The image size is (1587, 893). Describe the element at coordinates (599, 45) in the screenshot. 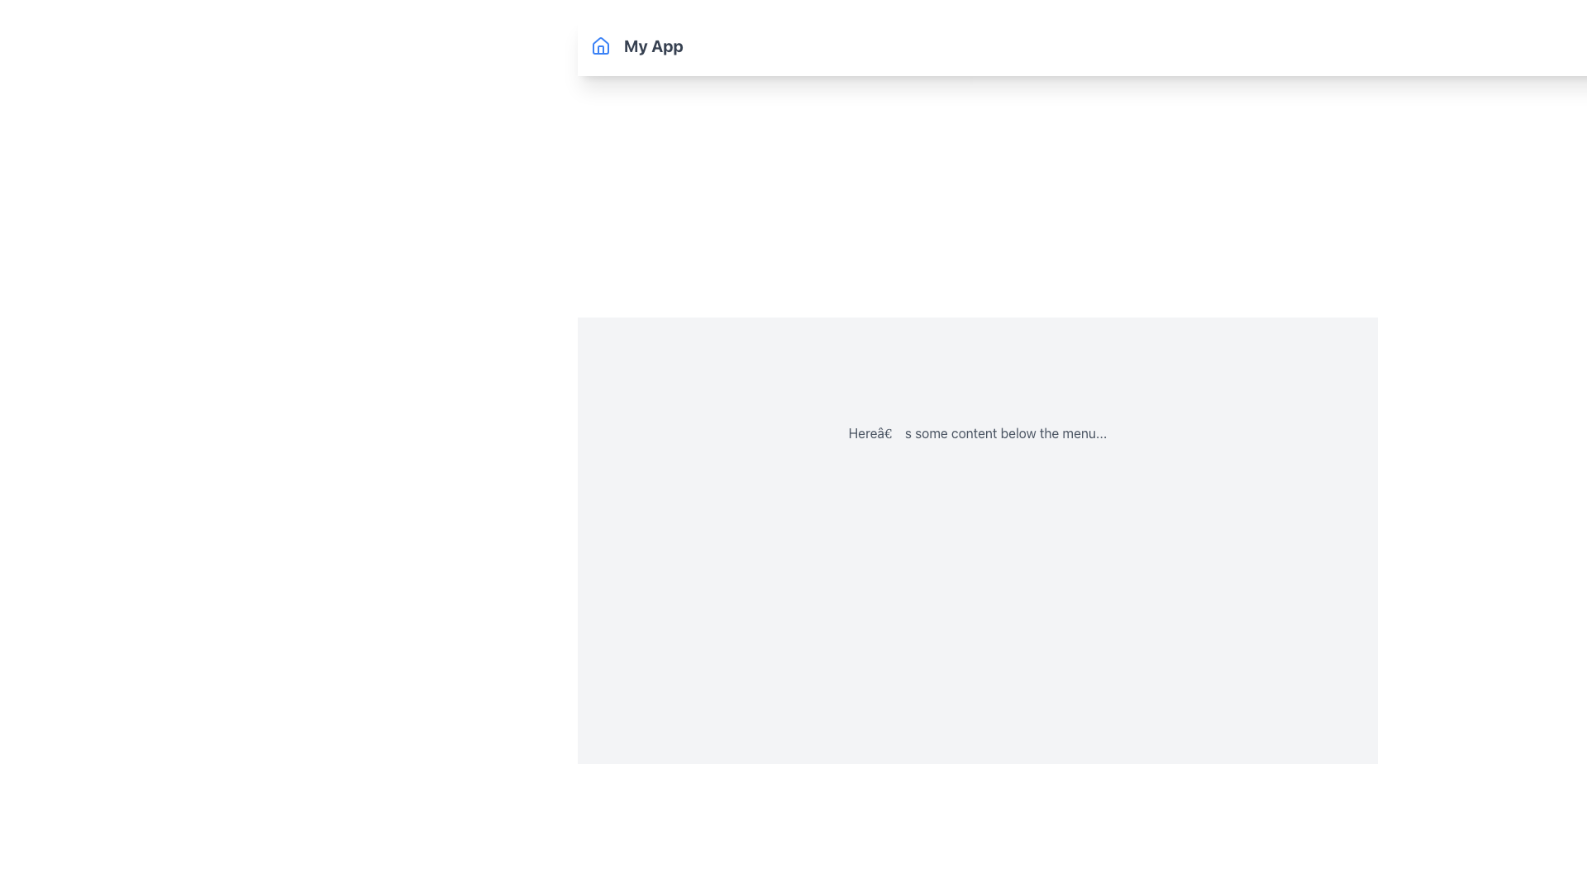

I see `the navigation icon located to the far left of the 'My App' group, which serves to redirect the user to the home page` at that location.